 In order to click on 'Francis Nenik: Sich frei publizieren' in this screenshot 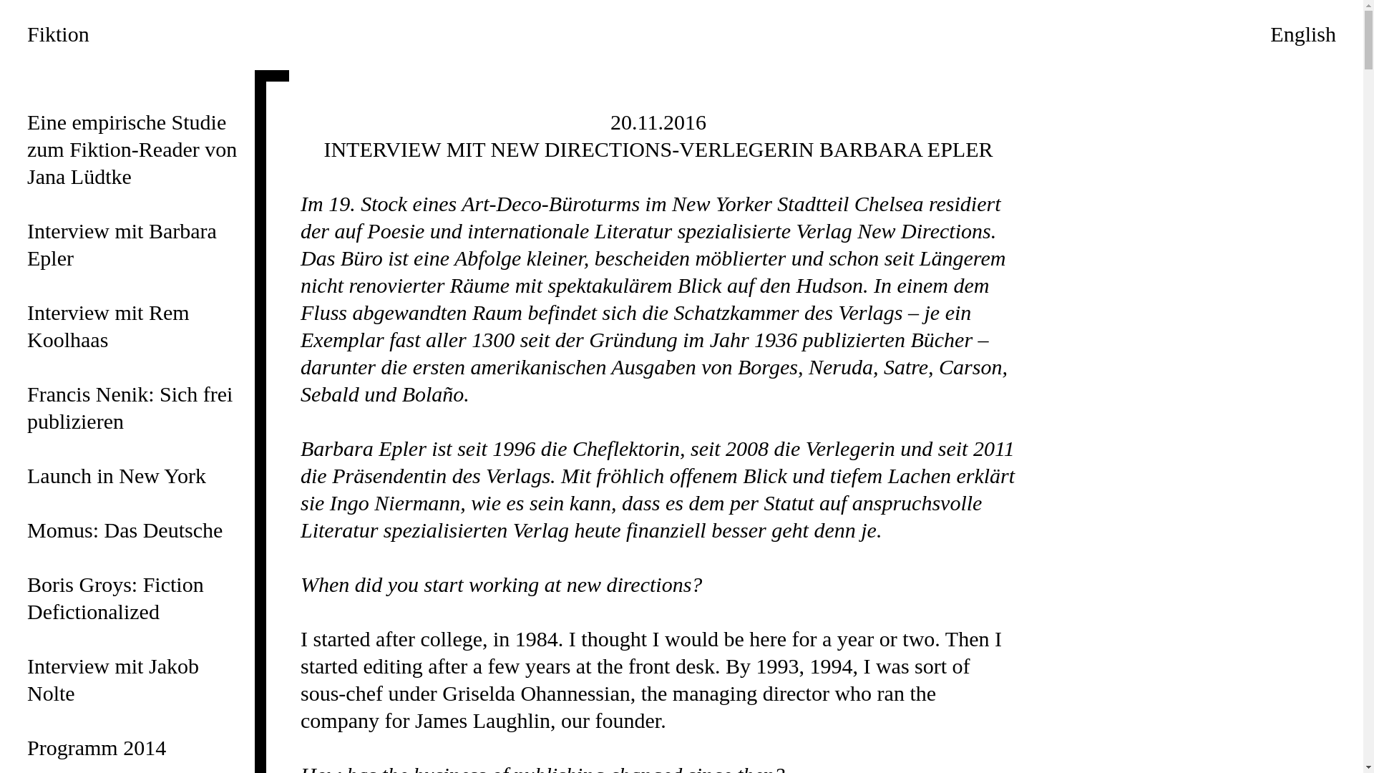, I will do `click(130, 407)`.